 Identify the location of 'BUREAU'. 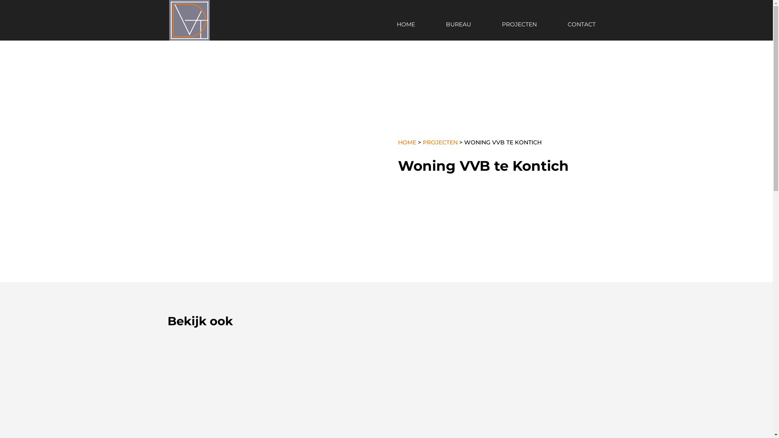
(435, 30).